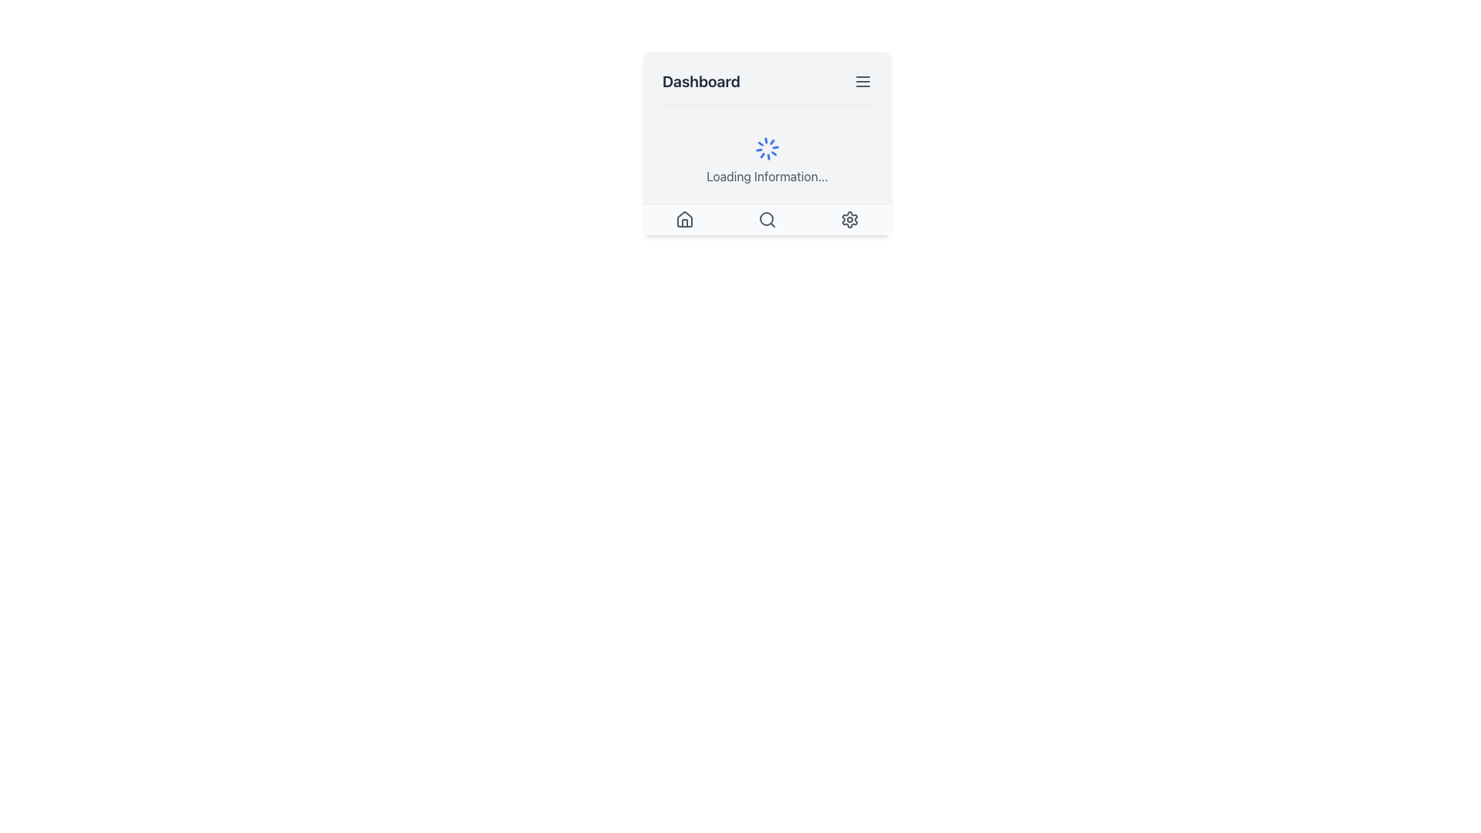  I want to click on the Text Label that serves as the title for the 'Dashboard' section, located at the top-left corner of the header, so click(700, 81).